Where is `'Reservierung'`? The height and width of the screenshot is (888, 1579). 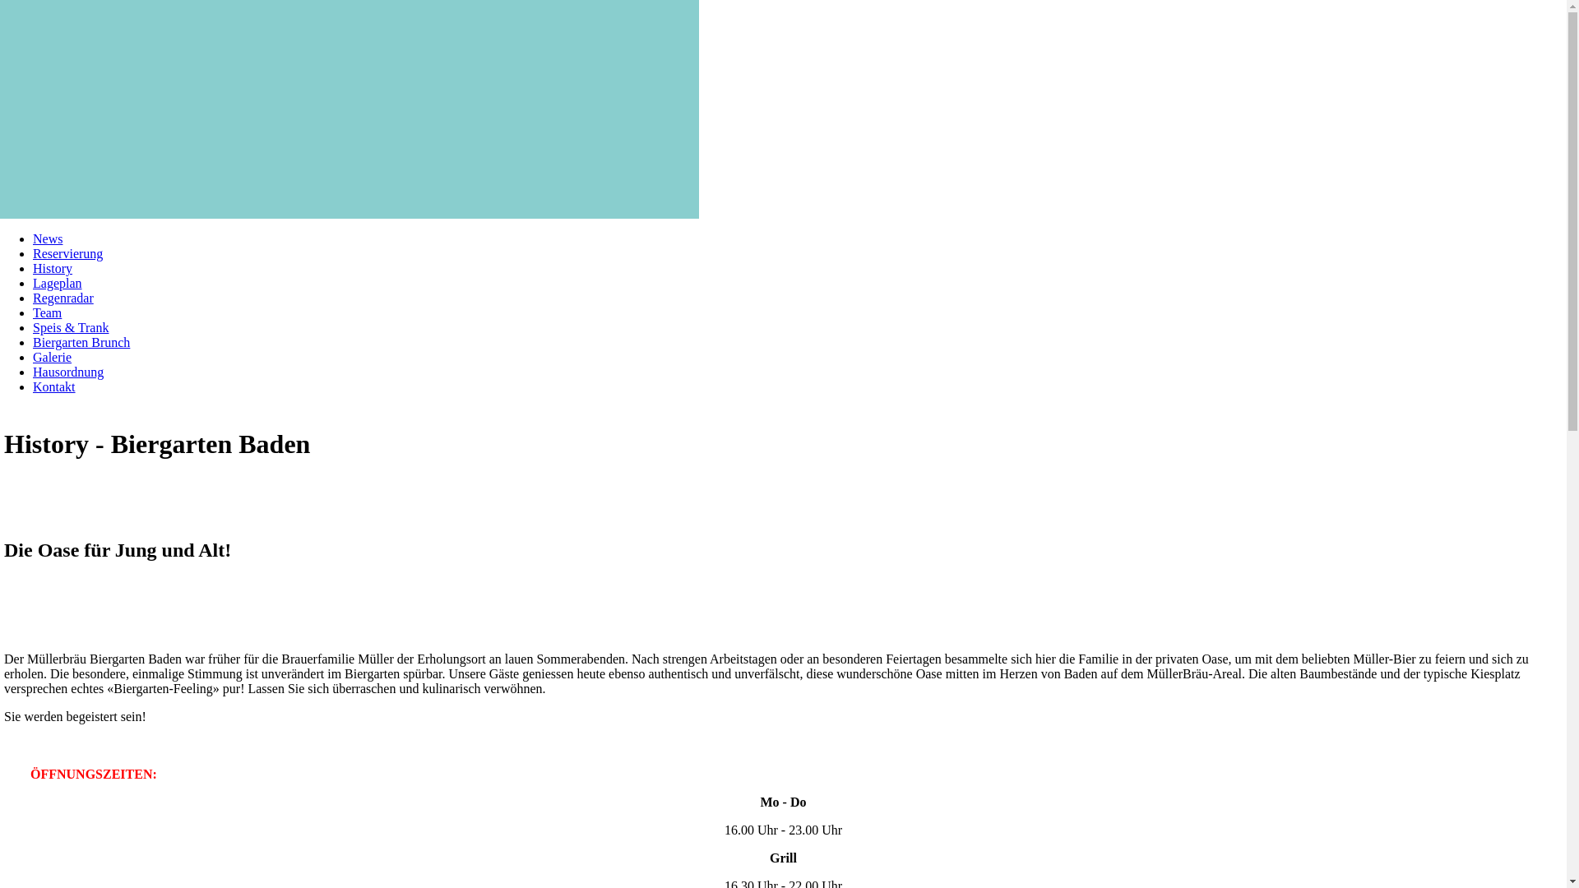
'Reservierung' is located at coordinates (67, 253).